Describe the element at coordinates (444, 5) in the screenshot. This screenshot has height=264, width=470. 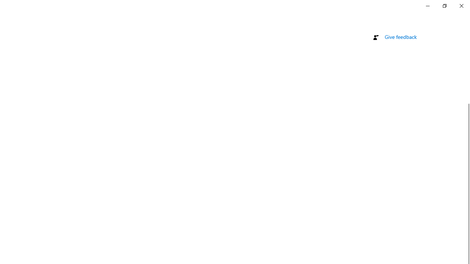
I see `'Restore Settings'` at that location.